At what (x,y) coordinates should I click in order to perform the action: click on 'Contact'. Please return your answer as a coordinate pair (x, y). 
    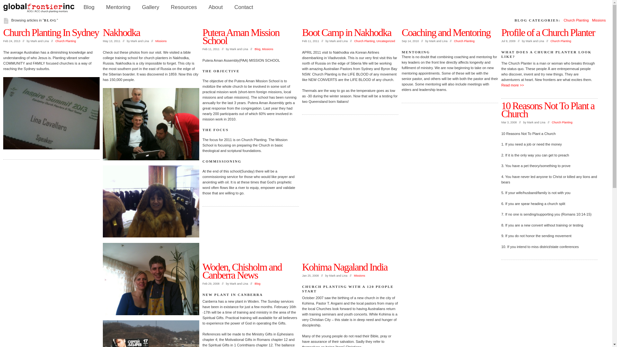
    Looking at the image, I should click on (243, 7).